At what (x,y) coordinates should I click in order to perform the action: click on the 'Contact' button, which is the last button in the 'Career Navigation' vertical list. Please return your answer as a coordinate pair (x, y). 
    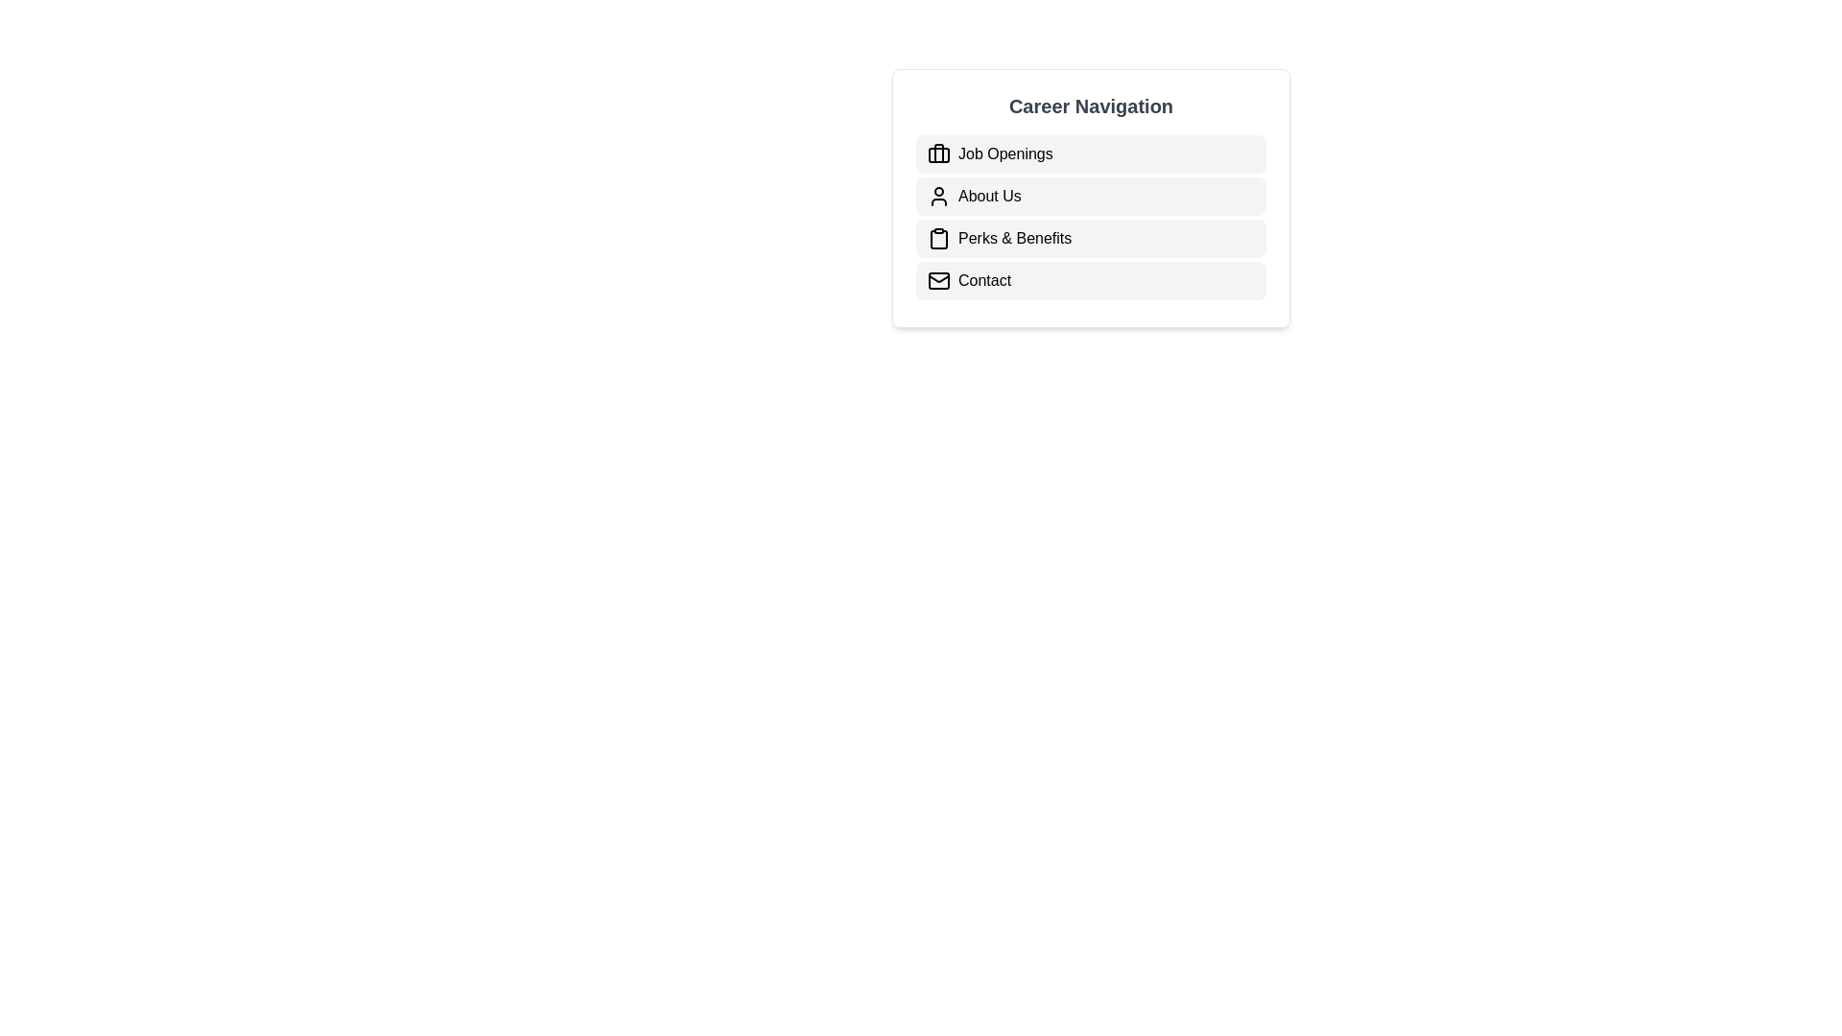
    Looking at the image, I should click on (1091, 281).